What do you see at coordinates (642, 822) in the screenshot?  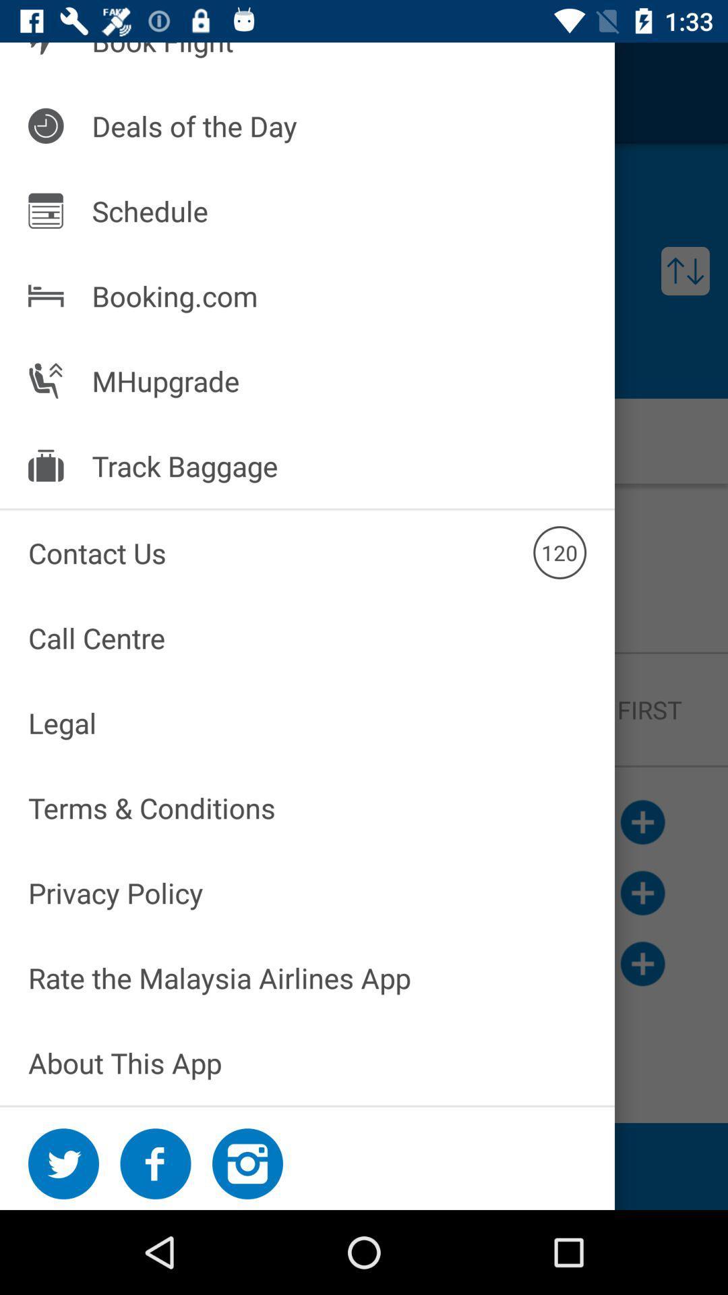 I see `the add icon` at bounding box center [642, 822].